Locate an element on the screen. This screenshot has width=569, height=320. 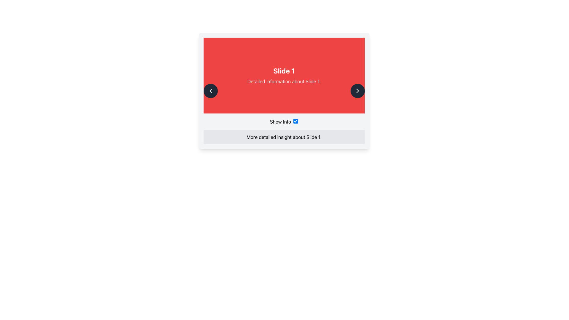
inside the Content display module that features a light gray background, a central red area with the text 'Slide 1' and 'Detailed information about Slide 1', along with navigation arrows and a 'Show Info' text alongside a checkbox is located at coordinates (284, 91).